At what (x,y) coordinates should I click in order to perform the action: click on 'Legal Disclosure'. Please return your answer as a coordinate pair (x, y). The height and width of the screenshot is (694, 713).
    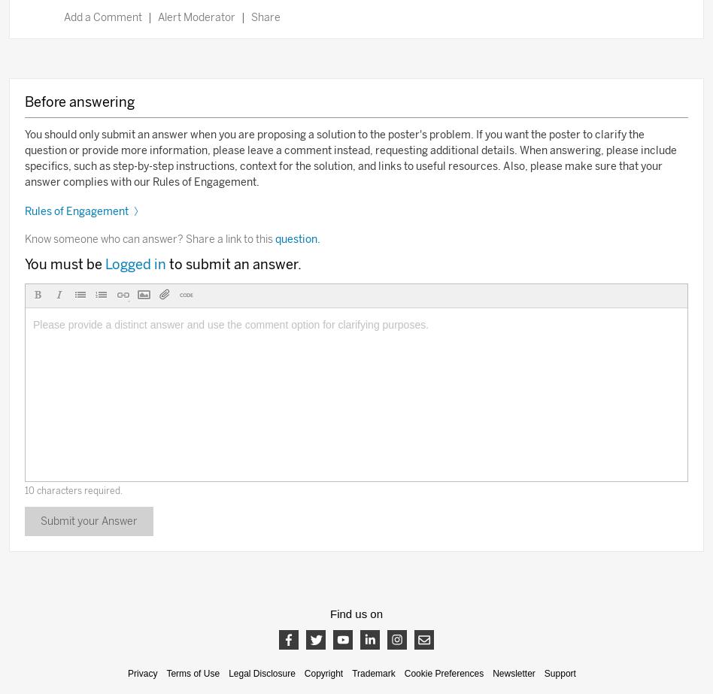
    Looking at the image, I should click on (262, 672).